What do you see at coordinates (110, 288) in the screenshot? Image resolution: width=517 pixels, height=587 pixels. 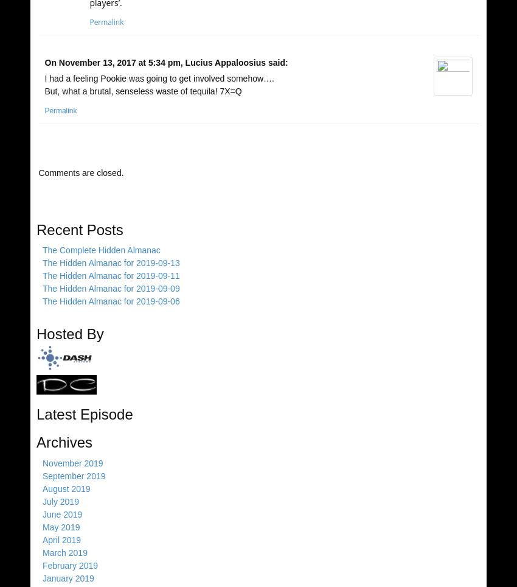 I see `'The Hidden Almanac for 2019-09-09'` at bounding box center [110, 288].